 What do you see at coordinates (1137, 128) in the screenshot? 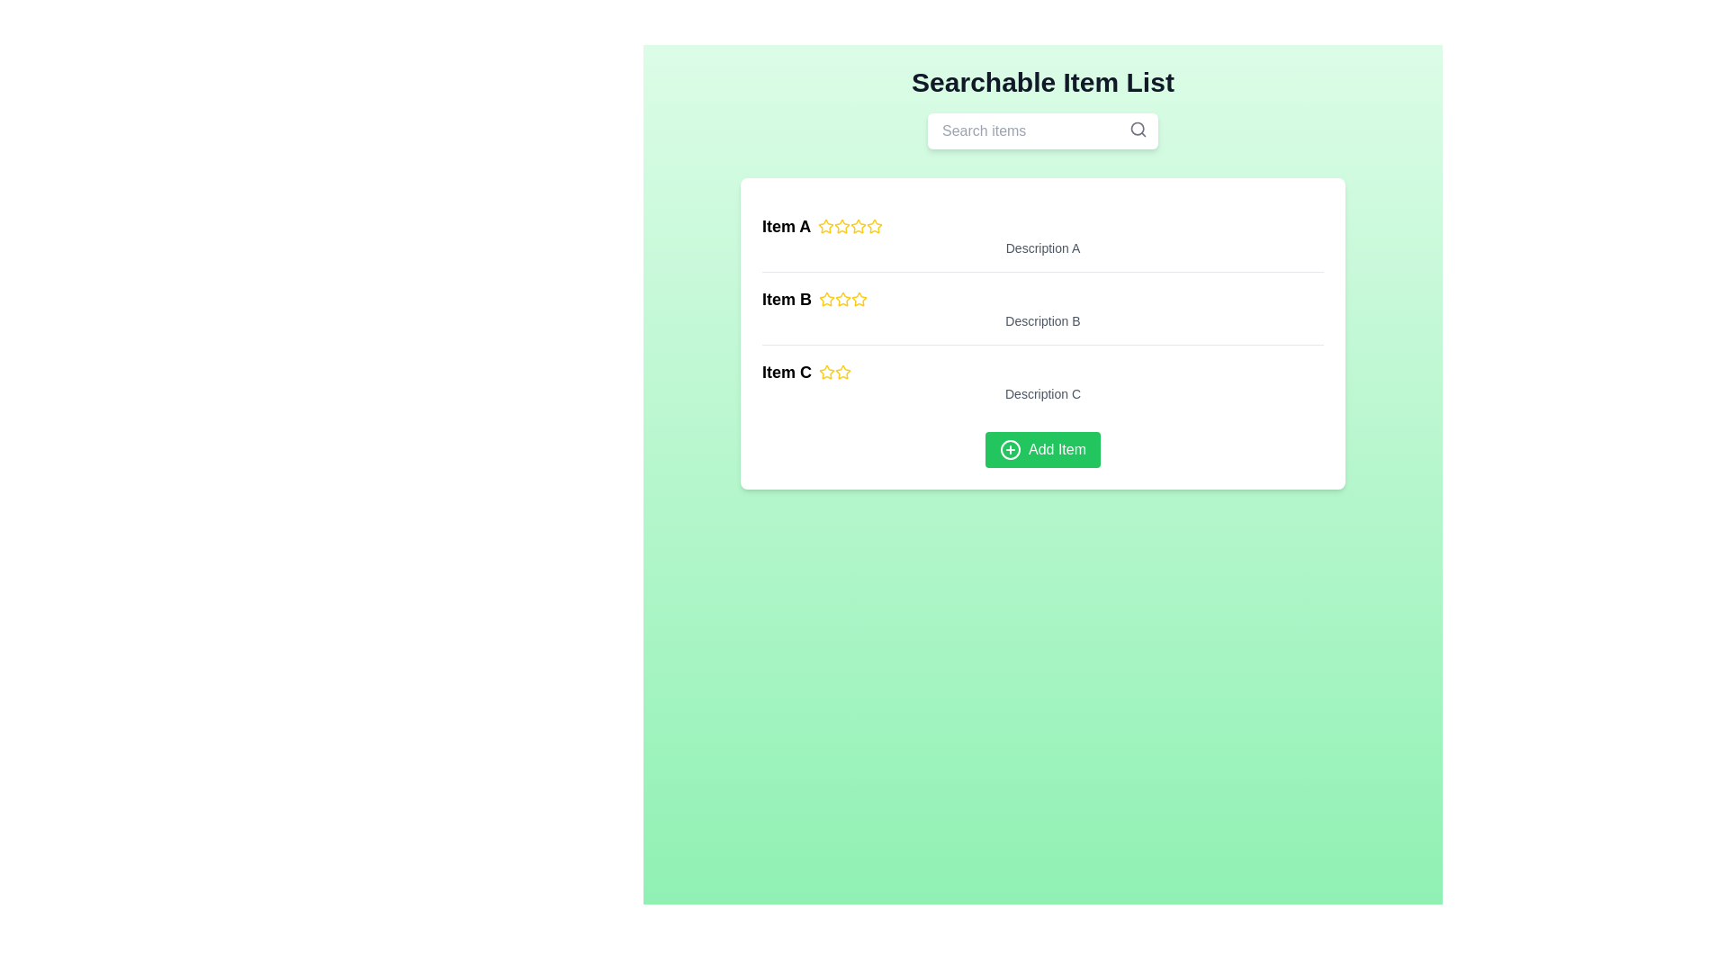
I see `the decorative SVG circle representing the lens of the magnifying glass icon located in the top-right corner of the search bar` at bounding box center [1137, 128].